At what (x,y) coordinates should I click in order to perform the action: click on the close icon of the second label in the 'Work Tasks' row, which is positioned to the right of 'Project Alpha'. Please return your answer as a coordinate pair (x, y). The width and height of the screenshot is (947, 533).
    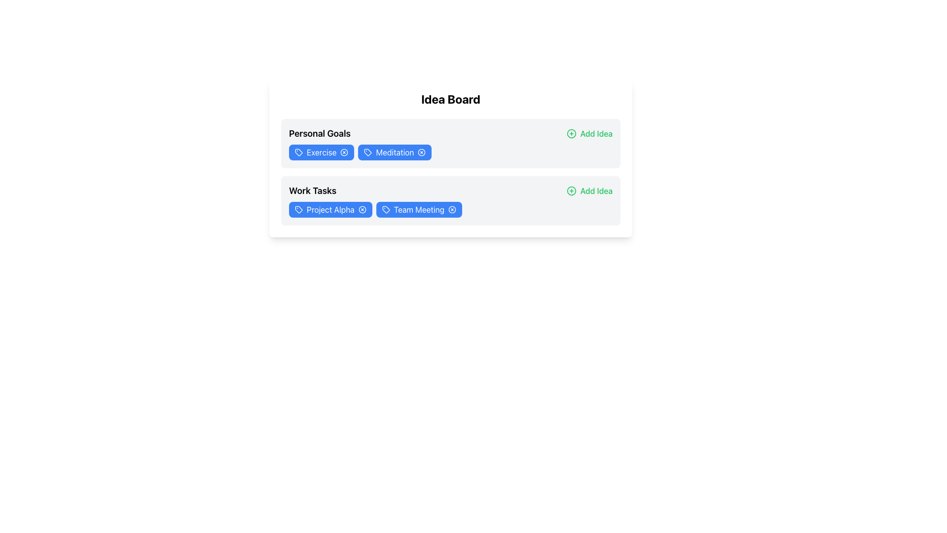
    Looking at the image, I should click on (419, 209).